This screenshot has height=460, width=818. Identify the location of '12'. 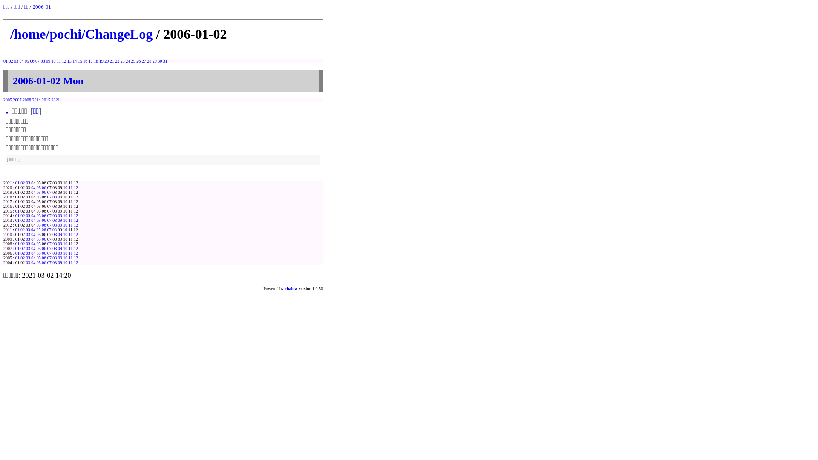
(75, 257).